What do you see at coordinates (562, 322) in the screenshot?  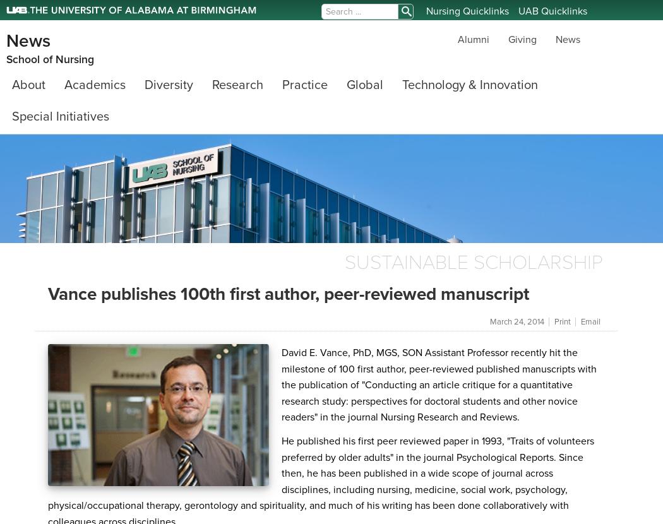 I see `'Print'` at bounding box center [562, 322].